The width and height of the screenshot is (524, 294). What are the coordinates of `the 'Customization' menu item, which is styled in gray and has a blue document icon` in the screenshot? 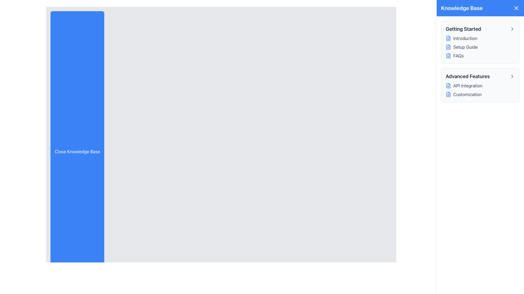 It's located at (480, 94).